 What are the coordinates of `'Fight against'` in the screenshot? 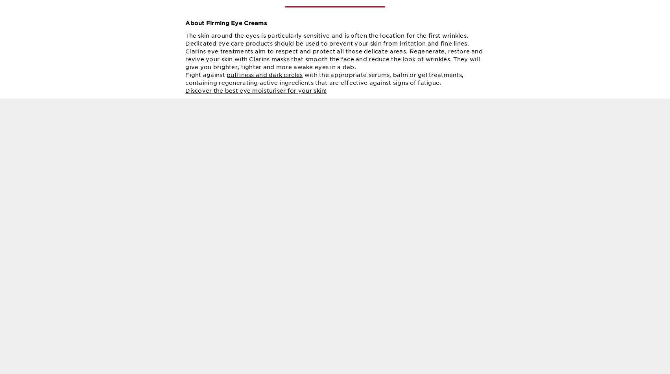 It's located at (205, 83).